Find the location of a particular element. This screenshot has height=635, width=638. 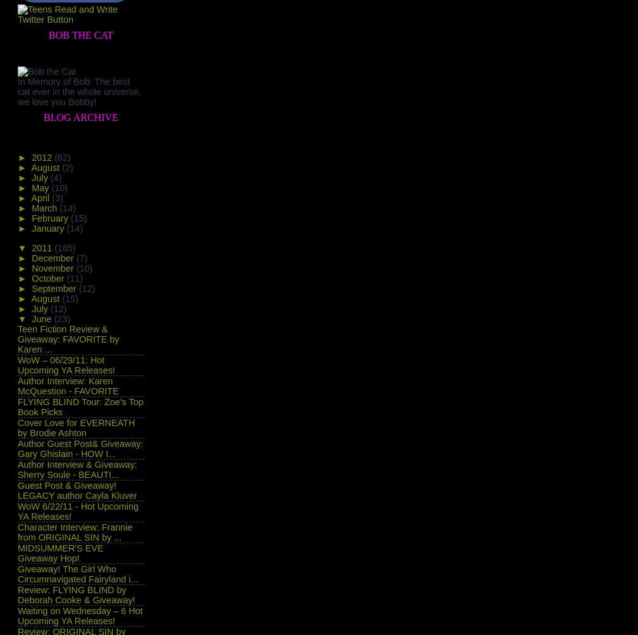

'FLYING BLIND Tour: Zoe's Top Book Picks' is located at coordinates (80, 406).